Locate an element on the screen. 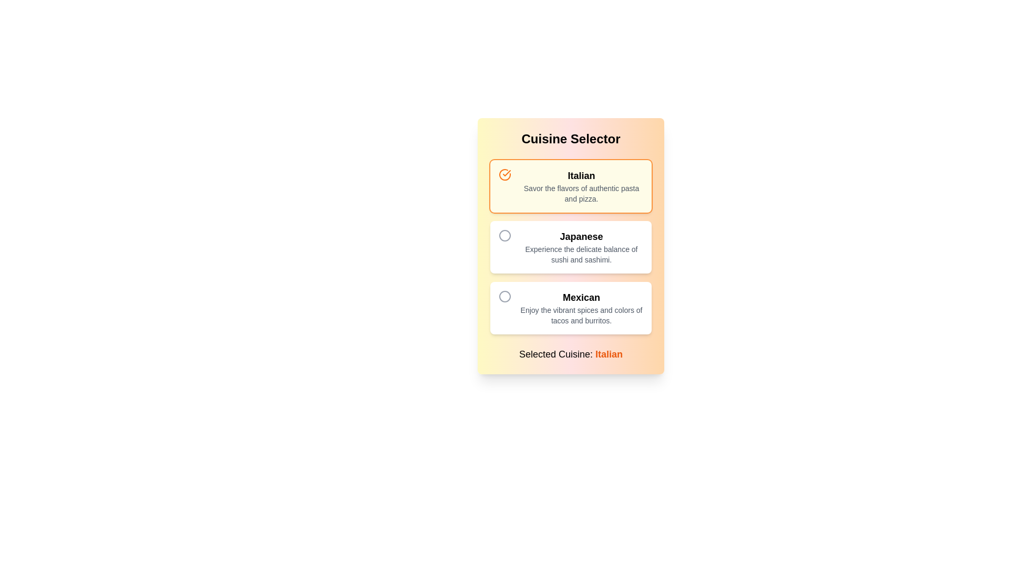 This screenshot has height=567, width=1009. the text label displaying 'Italian' in bold orange font, which is part of the sentence 'Selected Cuisine: Italian' is located at coordinates (609, 354).